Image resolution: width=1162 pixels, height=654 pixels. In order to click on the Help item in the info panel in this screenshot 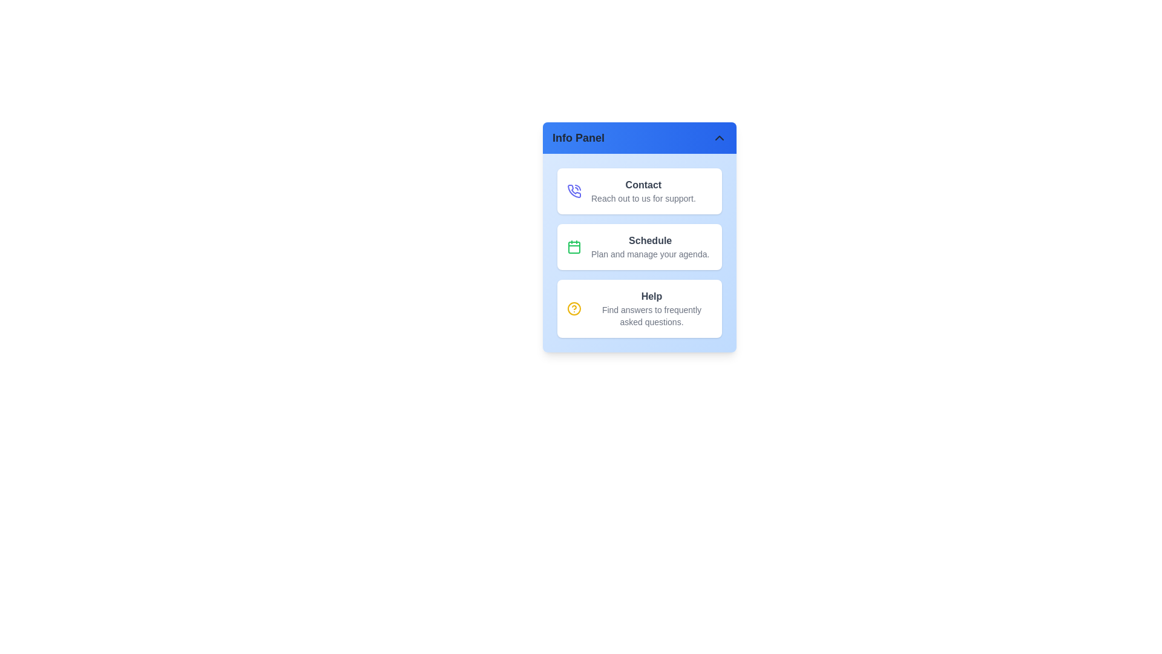, I will do `click(638, 308)`.